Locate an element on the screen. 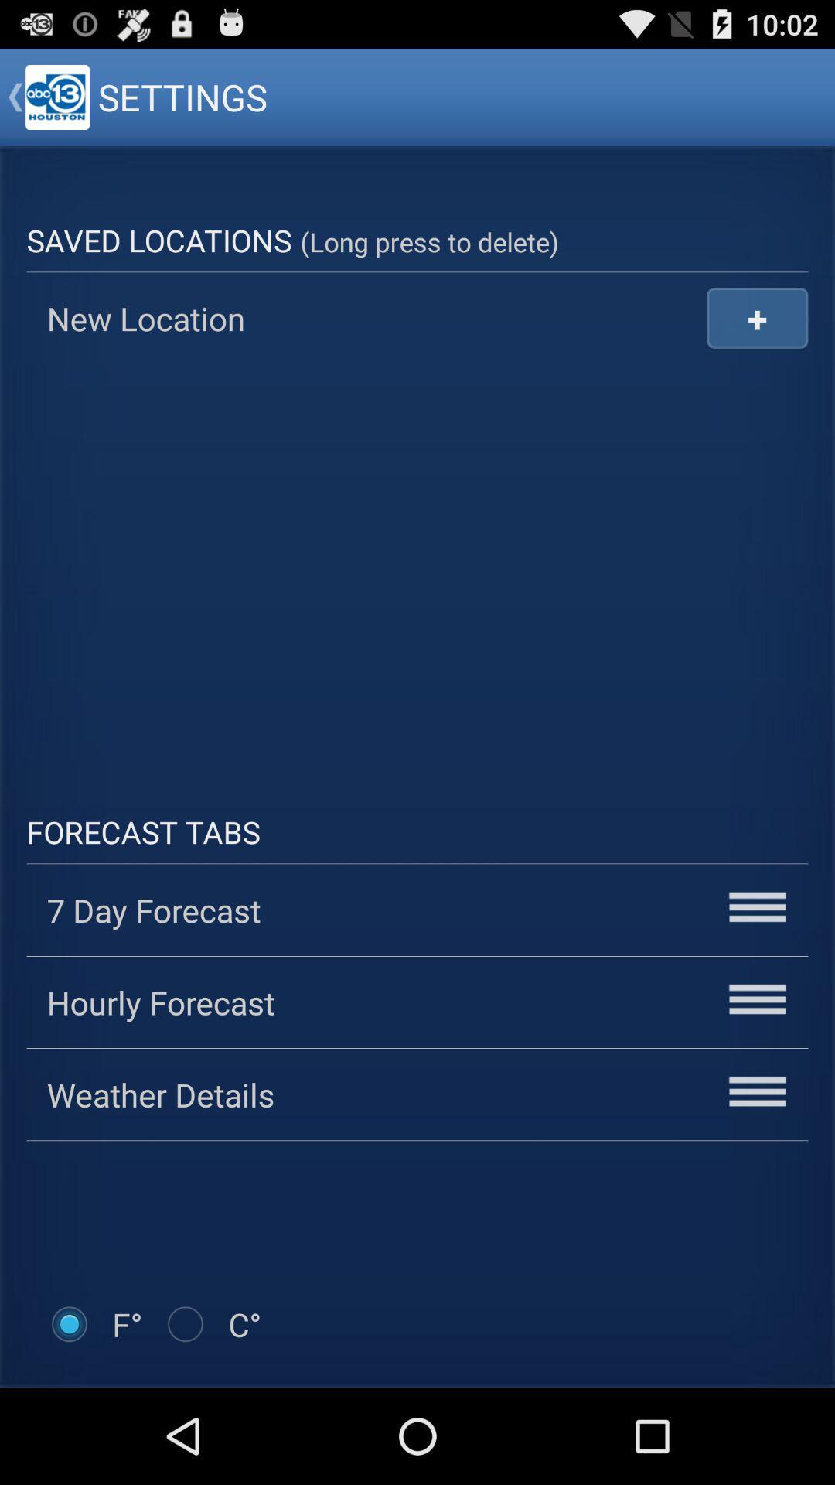 The height and width of the screenshot is (1485, 835). item below the weather details icon is located at coordinates (95, 1323).